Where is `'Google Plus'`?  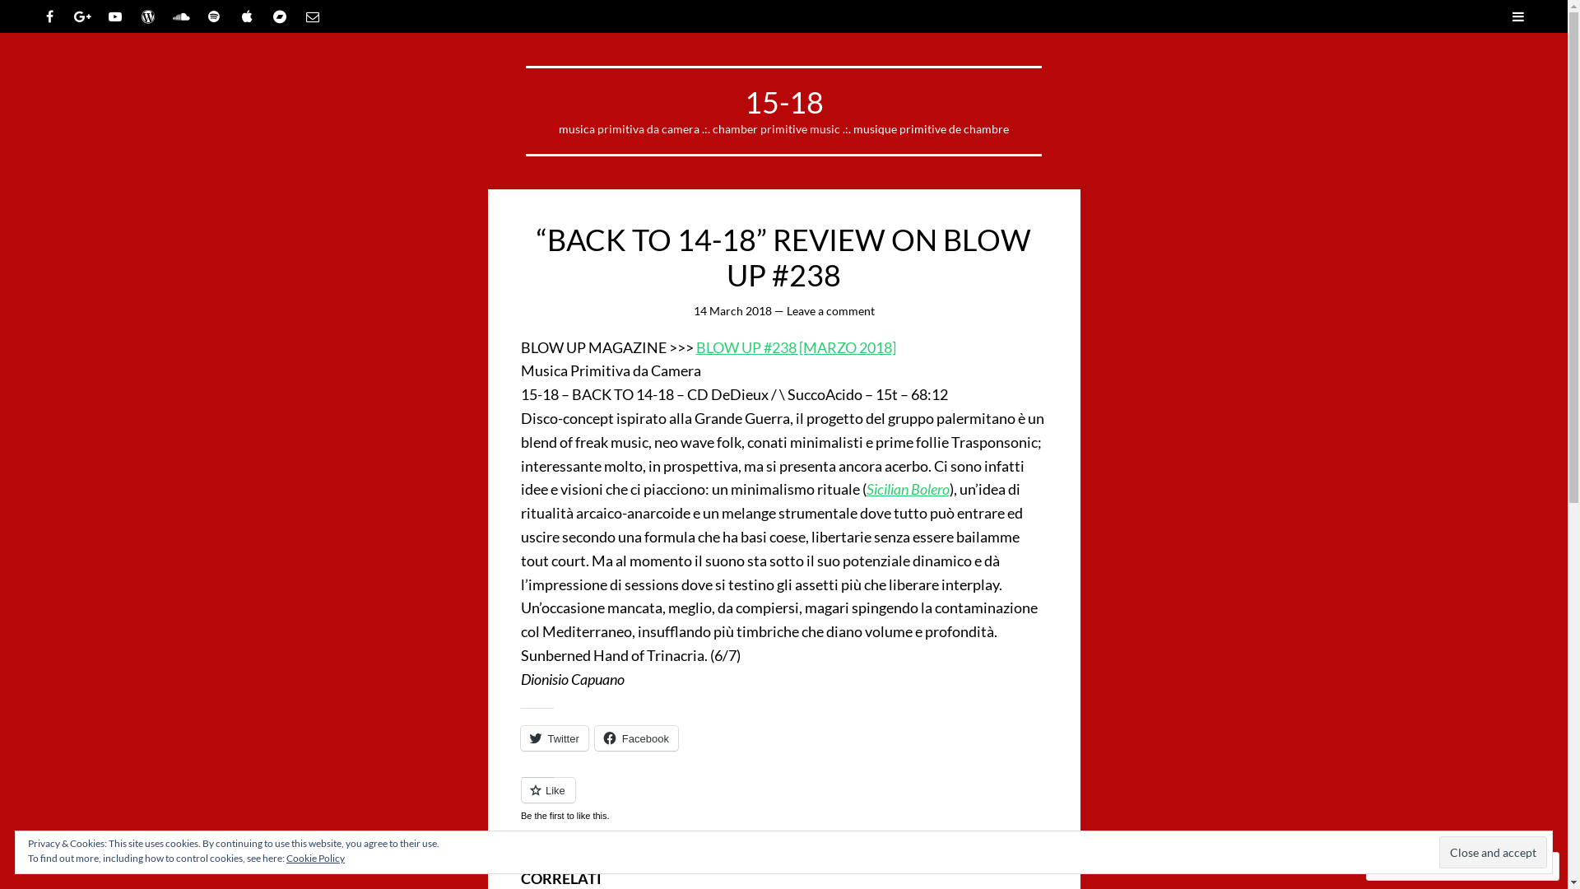
'Google Plus' is located at coordinates (81, 16).